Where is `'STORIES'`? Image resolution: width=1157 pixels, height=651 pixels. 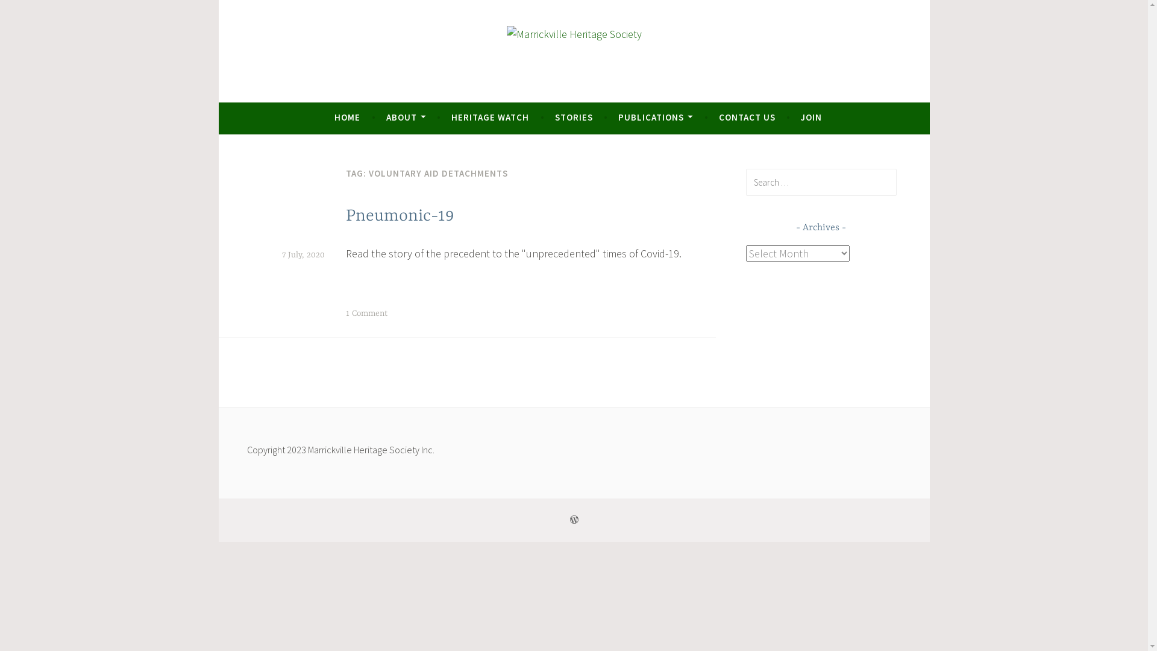
'STORIES' is located at coordinates (573, 118).